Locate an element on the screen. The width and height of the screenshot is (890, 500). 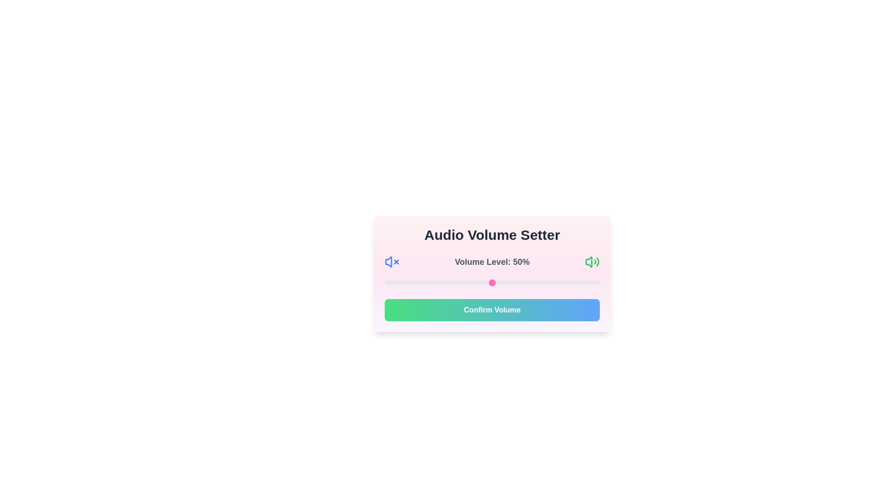
the volume is located at coordinates (402, 282).